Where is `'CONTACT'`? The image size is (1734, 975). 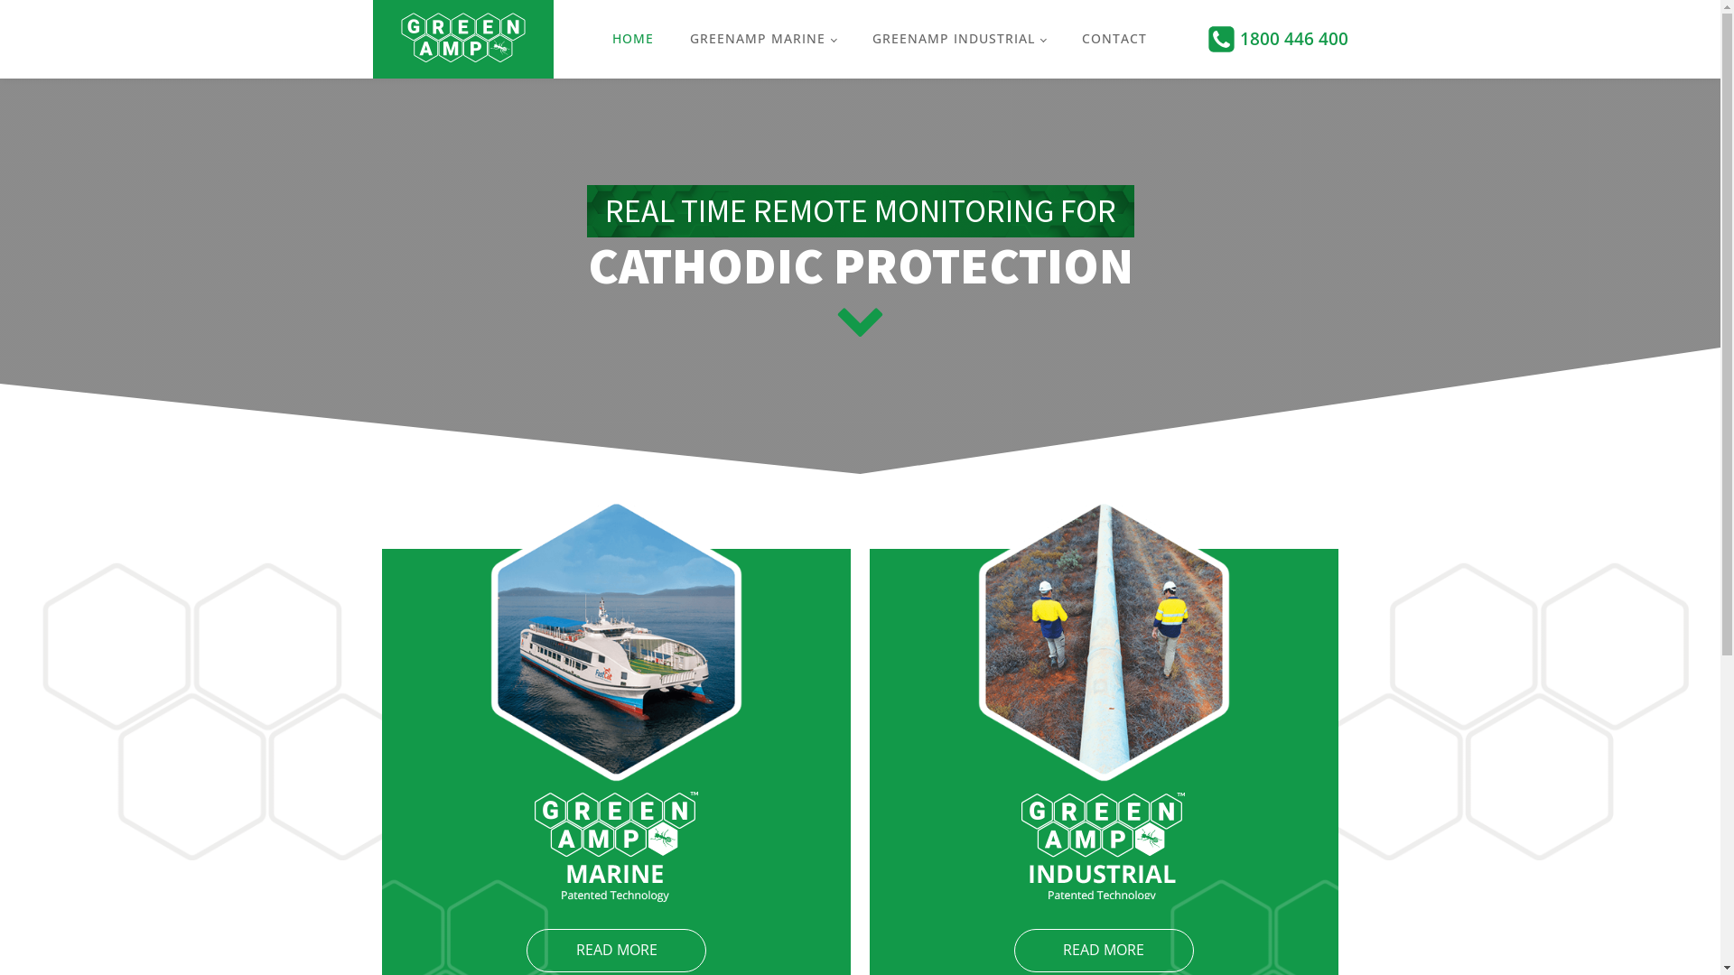
'CONTACT' is located at coordinates (1113, 38).